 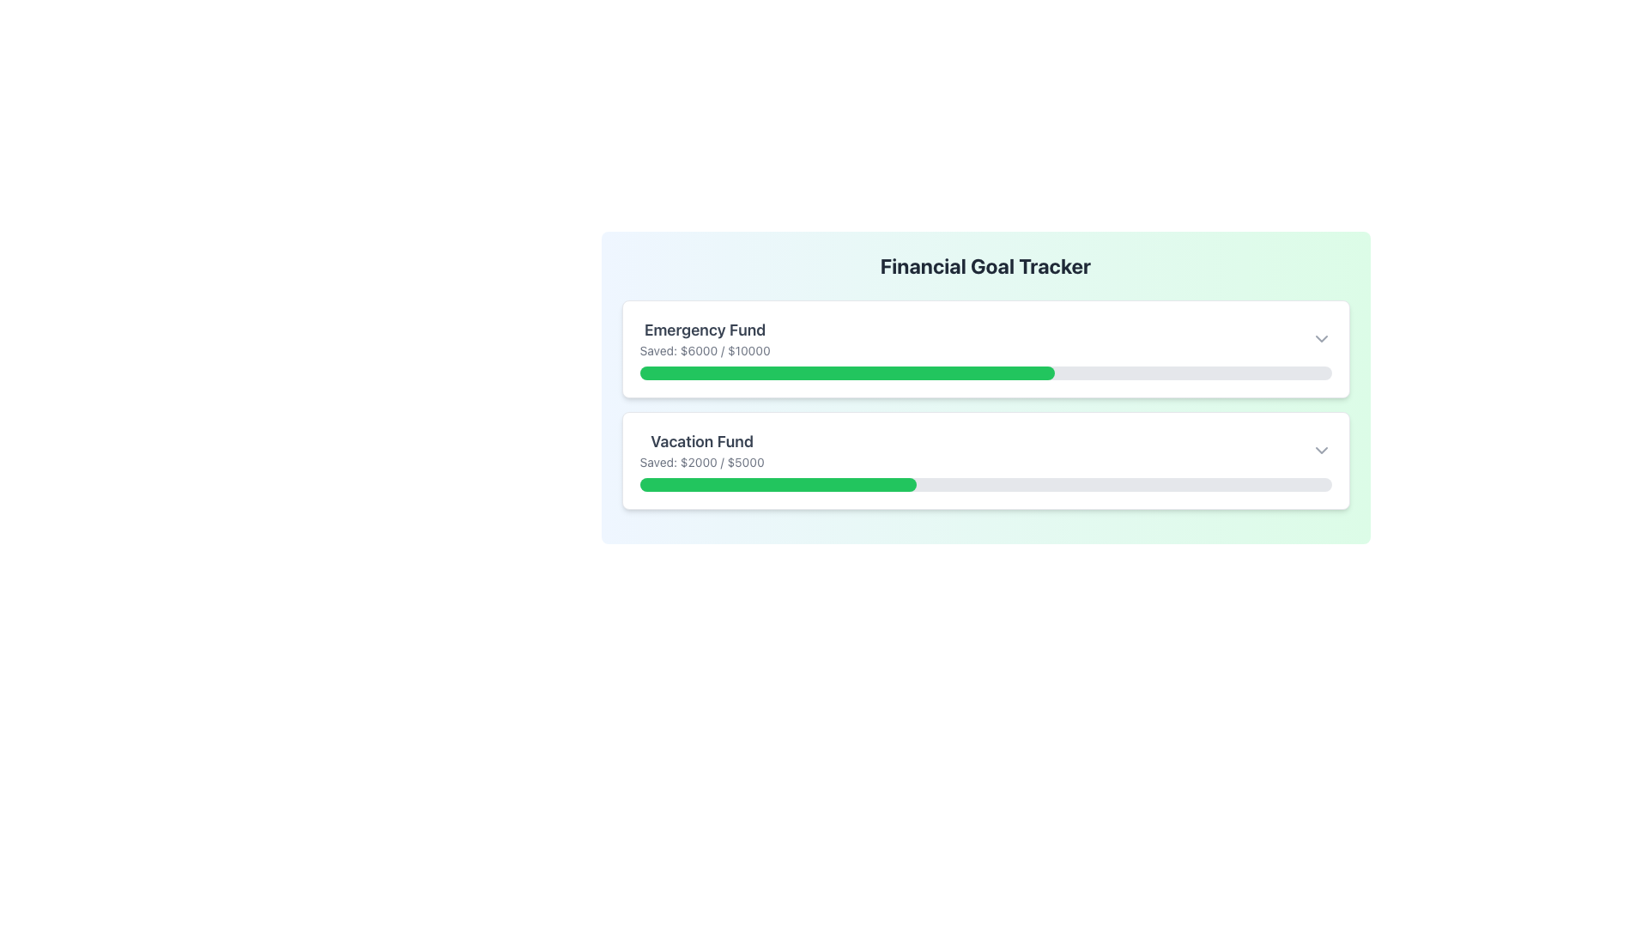 I want to click on the text label 'Vacation Fund' displayed in bold style within the financial goal tracker interface, located above the 'Saved: $2000 / $5000' text, so click(x=702, y=441).